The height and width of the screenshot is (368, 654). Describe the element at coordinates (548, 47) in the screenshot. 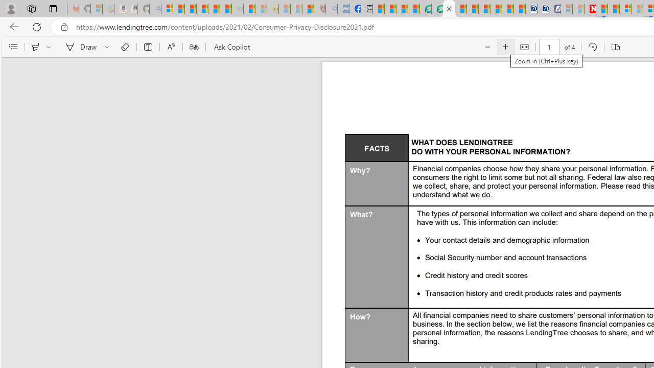

I see `'Page number'` at that location.